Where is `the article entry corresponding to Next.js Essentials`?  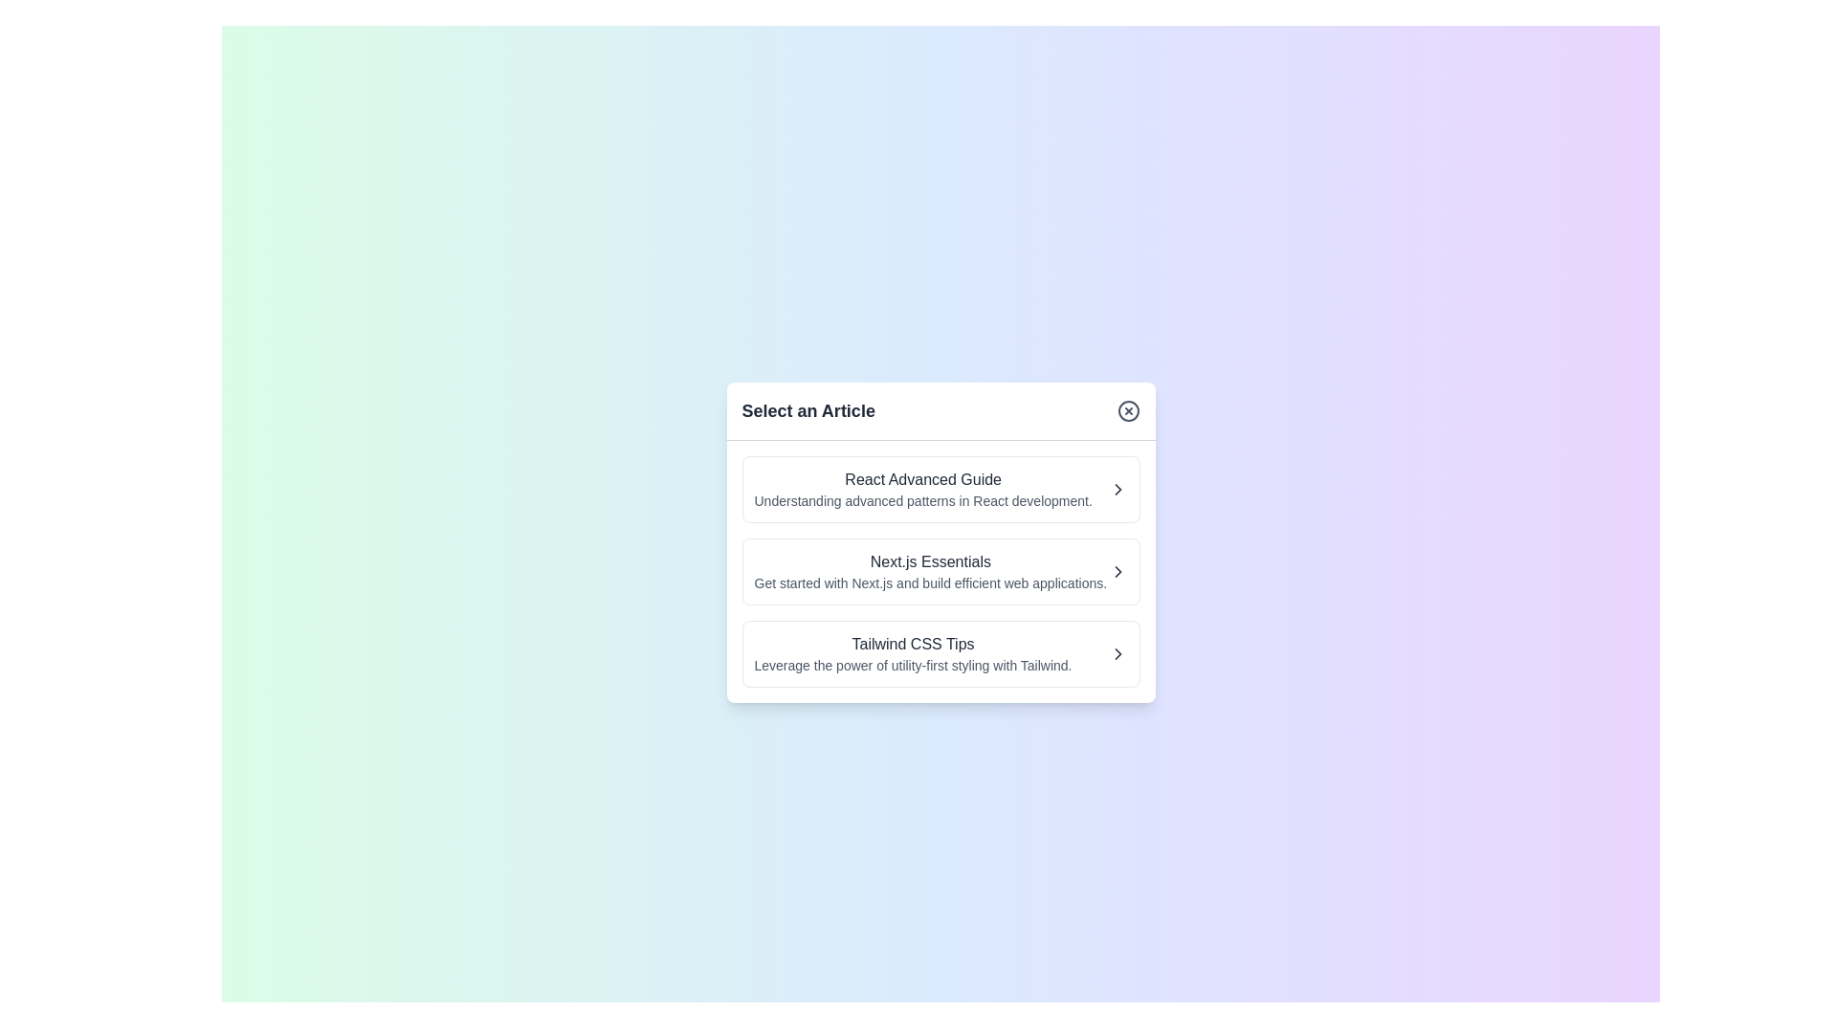
the article entry corresponding to Next.js Essentials is located at coordinates (941, 570).